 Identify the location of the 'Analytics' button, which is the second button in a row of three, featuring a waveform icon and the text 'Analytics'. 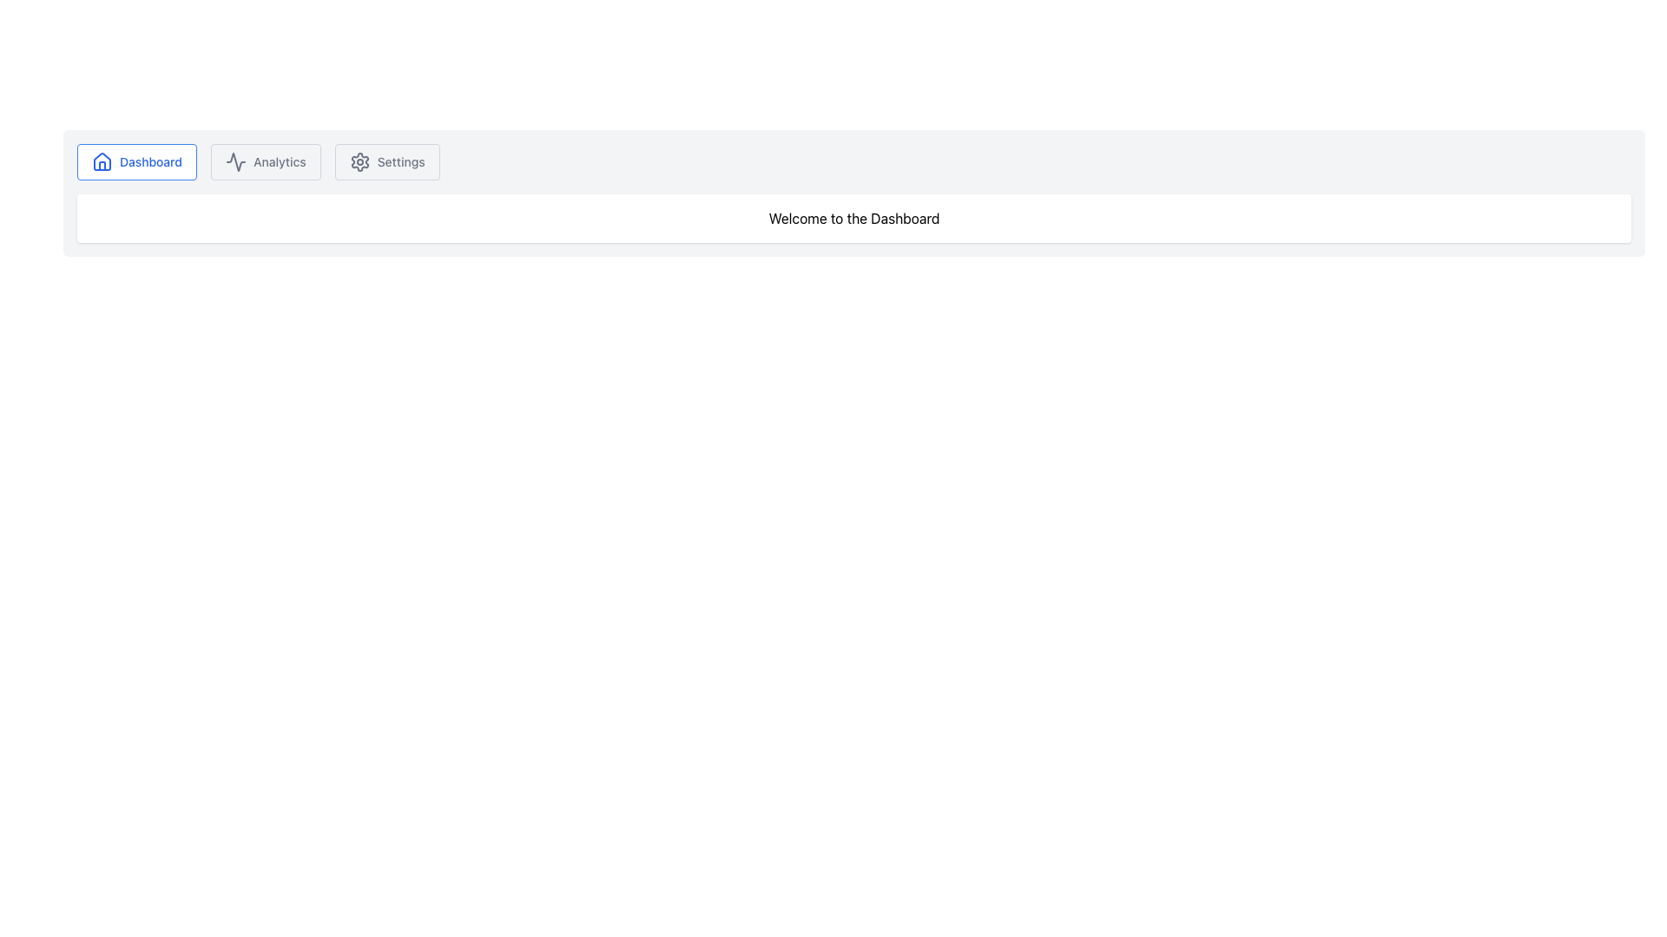
(265, 161).